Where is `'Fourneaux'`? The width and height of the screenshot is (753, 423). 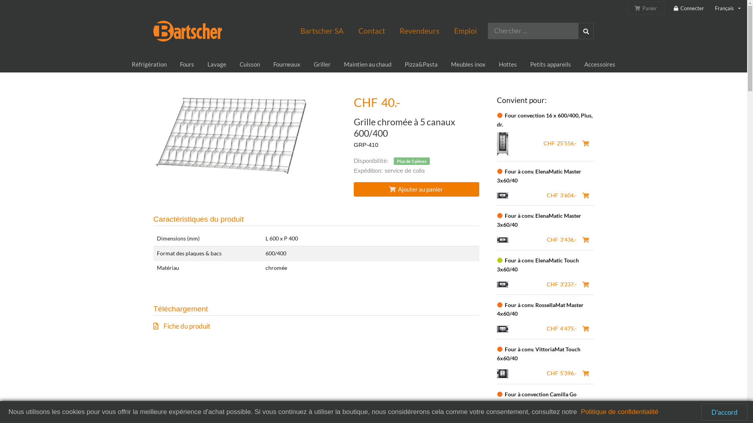 'Fourneaux' is located at coordinates (286, 64).